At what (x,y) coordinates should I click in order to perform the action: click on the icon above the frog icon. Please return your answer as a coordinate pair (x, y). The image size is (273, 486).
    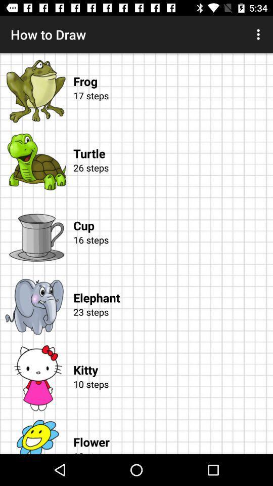
    Looking at the image, I should click on (259, 34).